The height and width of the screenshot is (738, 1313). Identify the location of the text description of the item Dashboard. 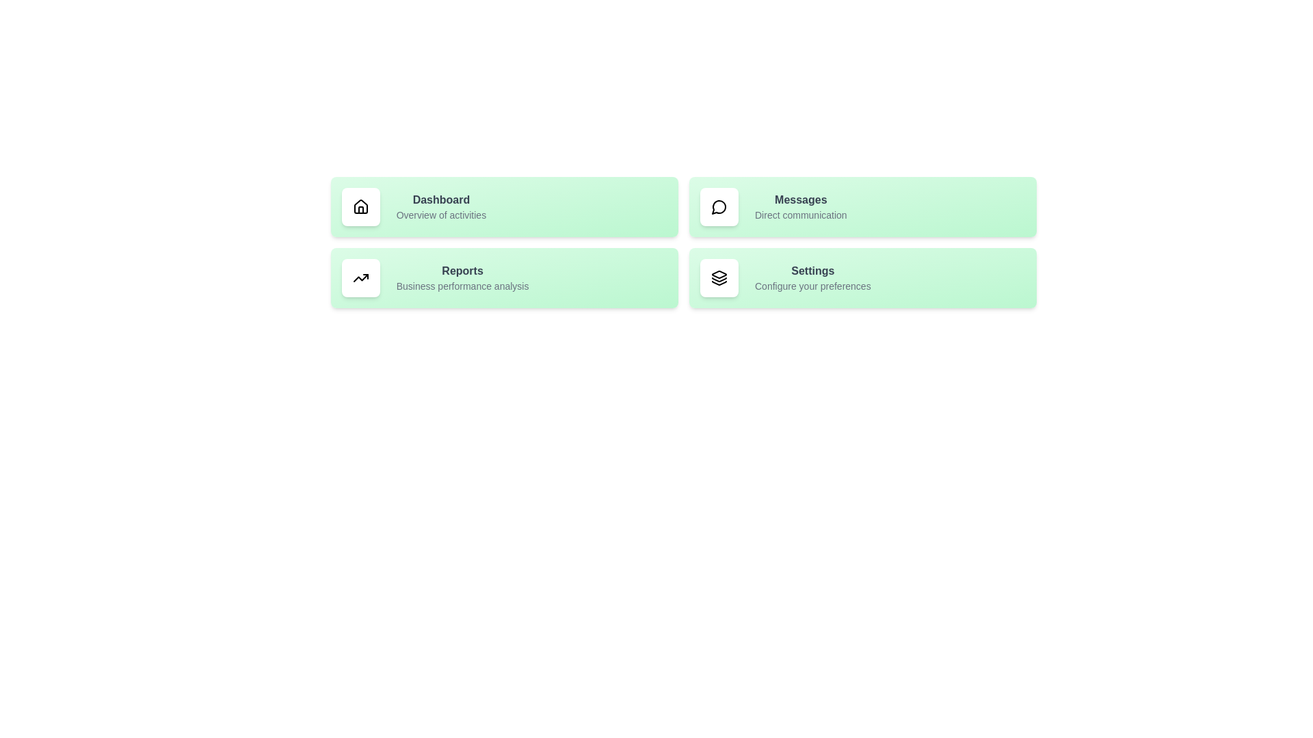
(440, 215).